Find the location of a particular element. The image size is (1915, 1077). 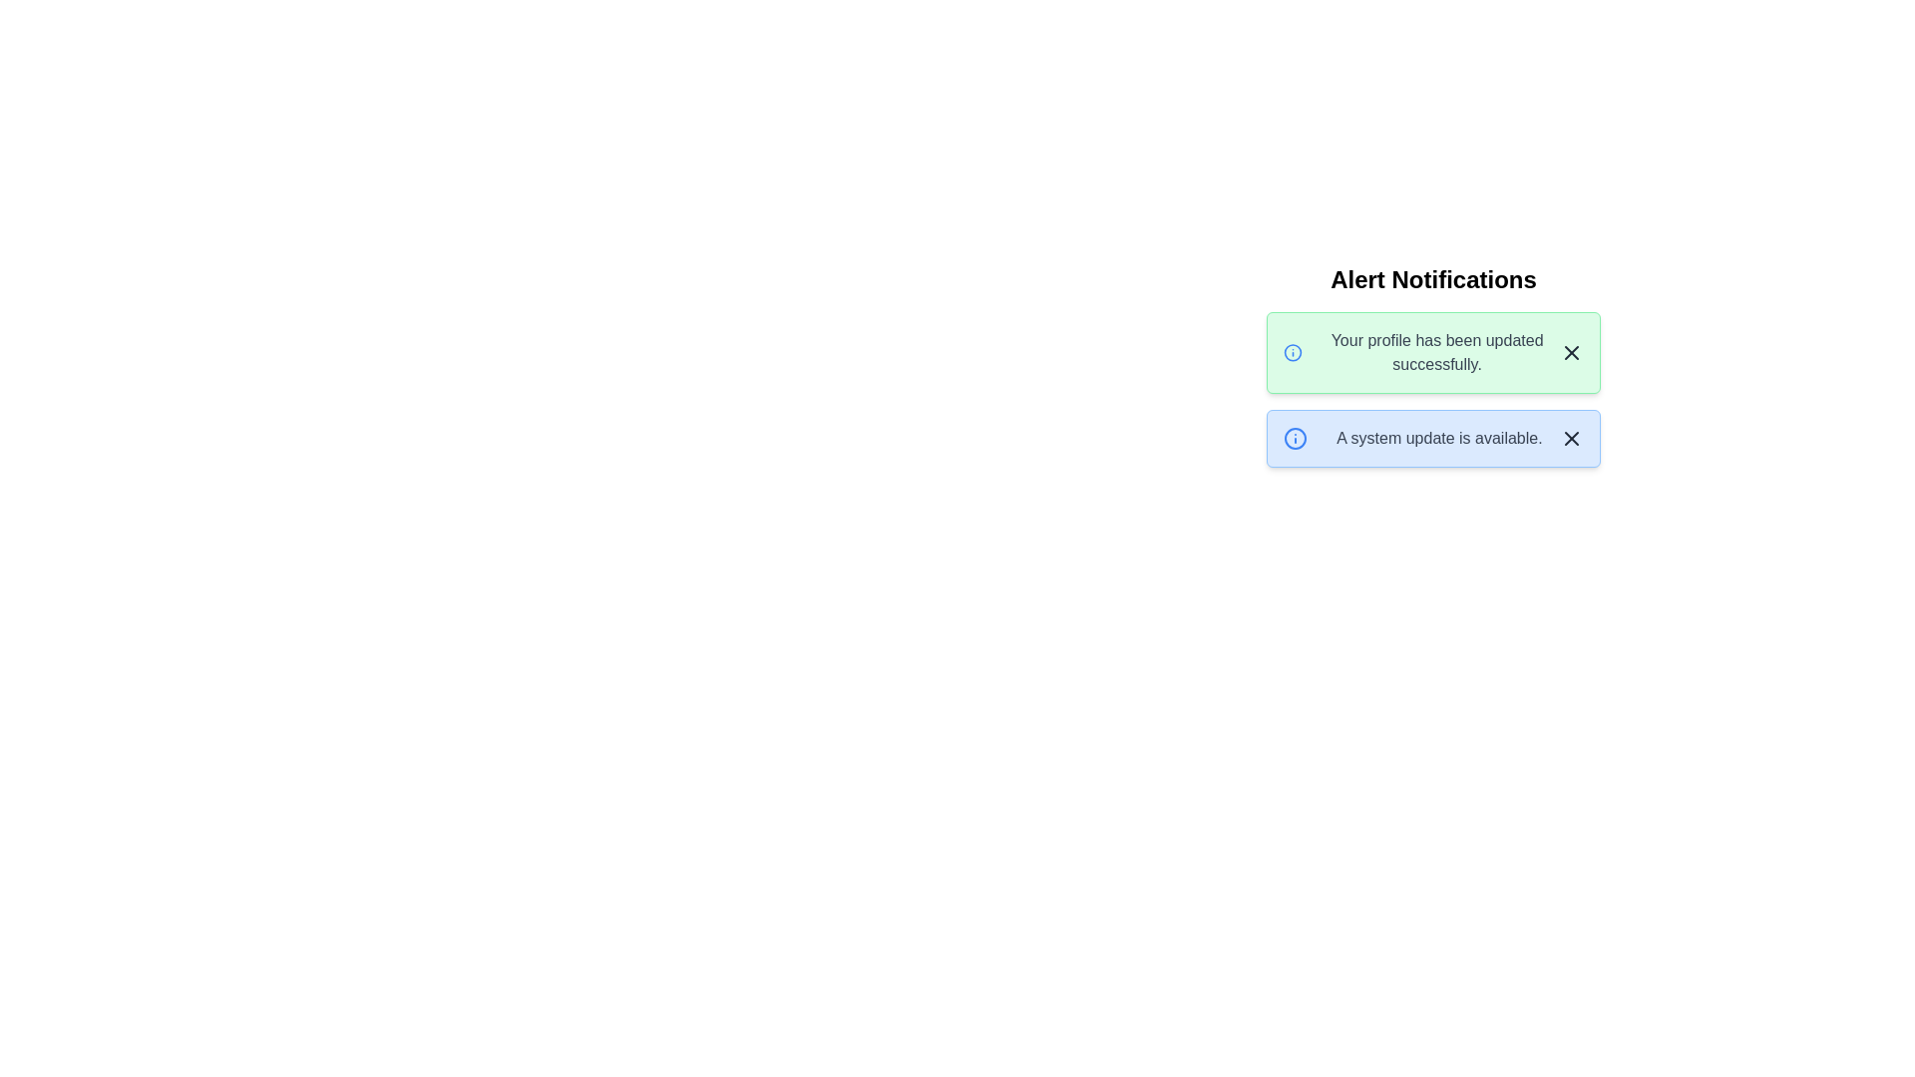

the first notification message box with a green background that indicates success, containing the text 'Your profile has been updated successfully.' and a dismiss button with an 'X' mark is located at coordinates (1432, 365).